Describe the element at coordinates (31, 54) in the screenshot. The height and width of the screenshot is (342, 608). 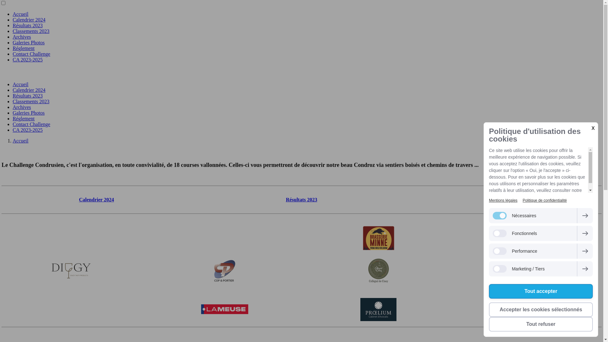
I see `'Contact Challenge'` at that location.